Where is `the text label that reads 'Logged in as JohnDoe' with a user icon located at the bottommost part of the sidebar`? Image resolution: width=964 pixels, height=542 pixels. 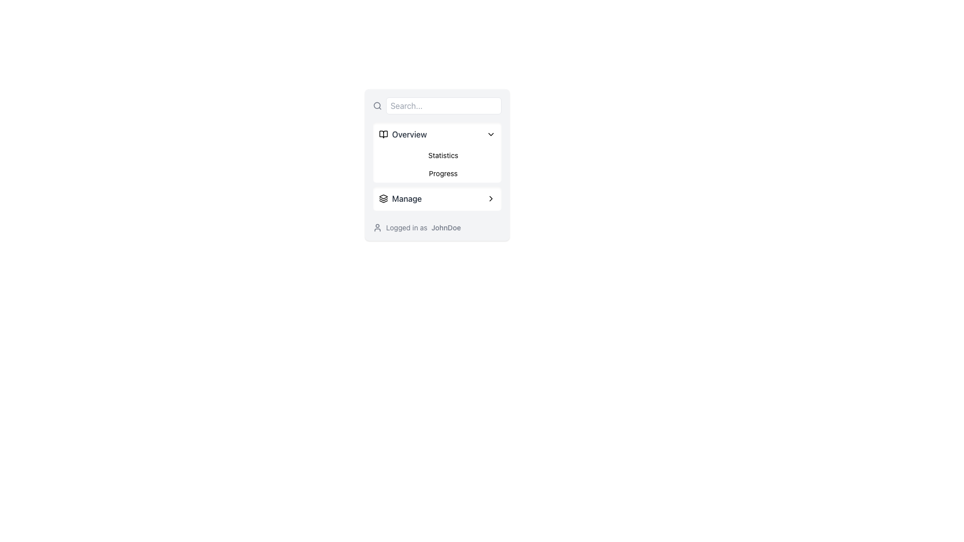
the text label that reads 'Logged in as JohnDoe' with a user icon located at the bottommost part of the sidebar is located at coordinates (437, 228).